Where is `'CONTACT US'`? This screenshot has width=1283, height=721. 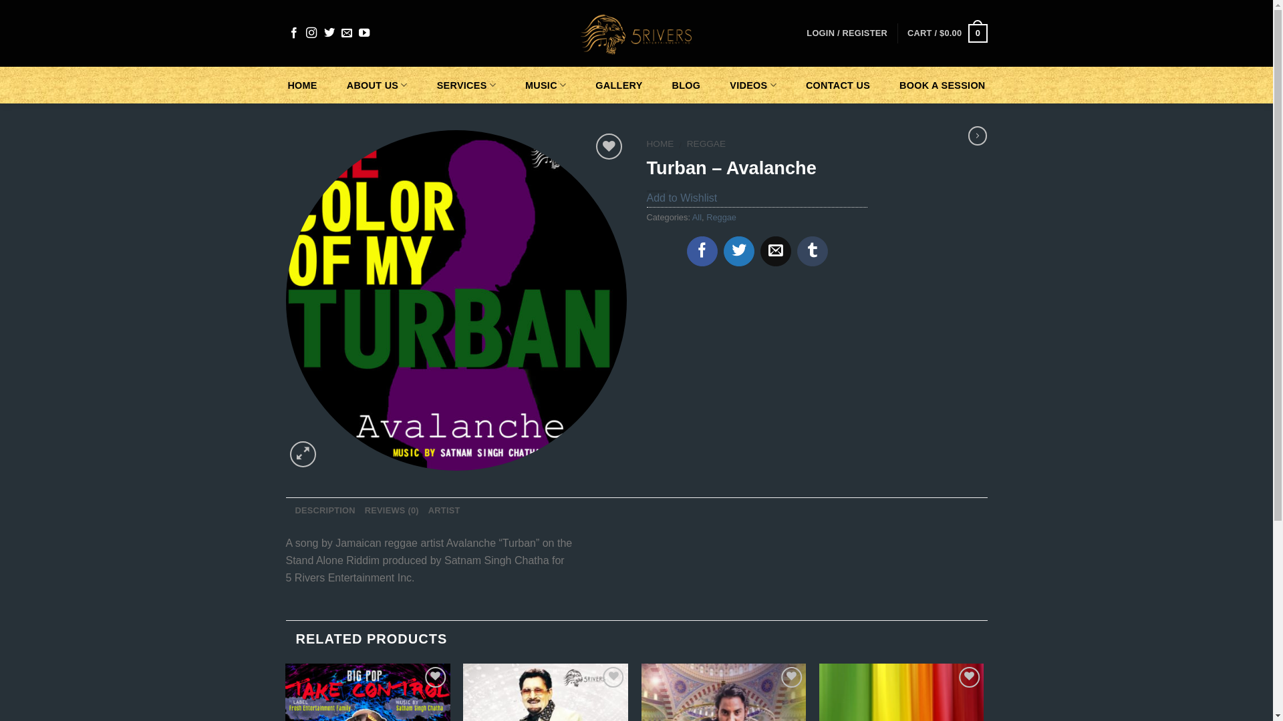
'CONTACT US' is located at coordinates (837, 85).